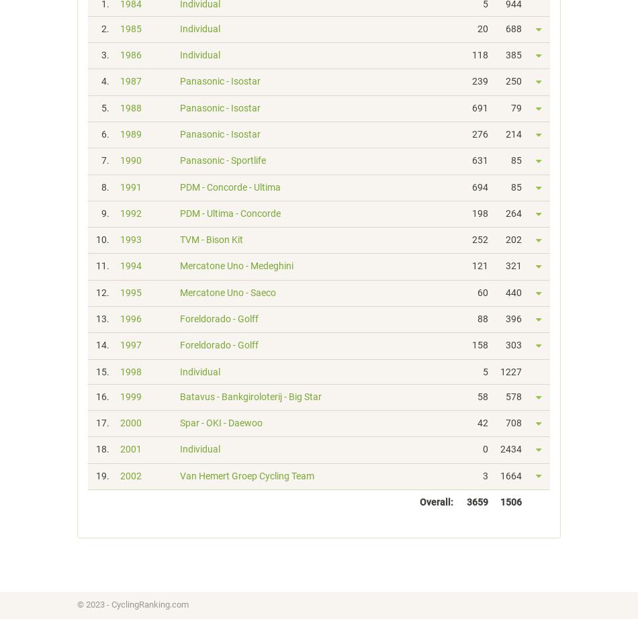 Image resolution: width=638 pixels, height=619 pixels. Describe the element at coordinates (513, 211) in the screenshot. I see `'264'` at that location.